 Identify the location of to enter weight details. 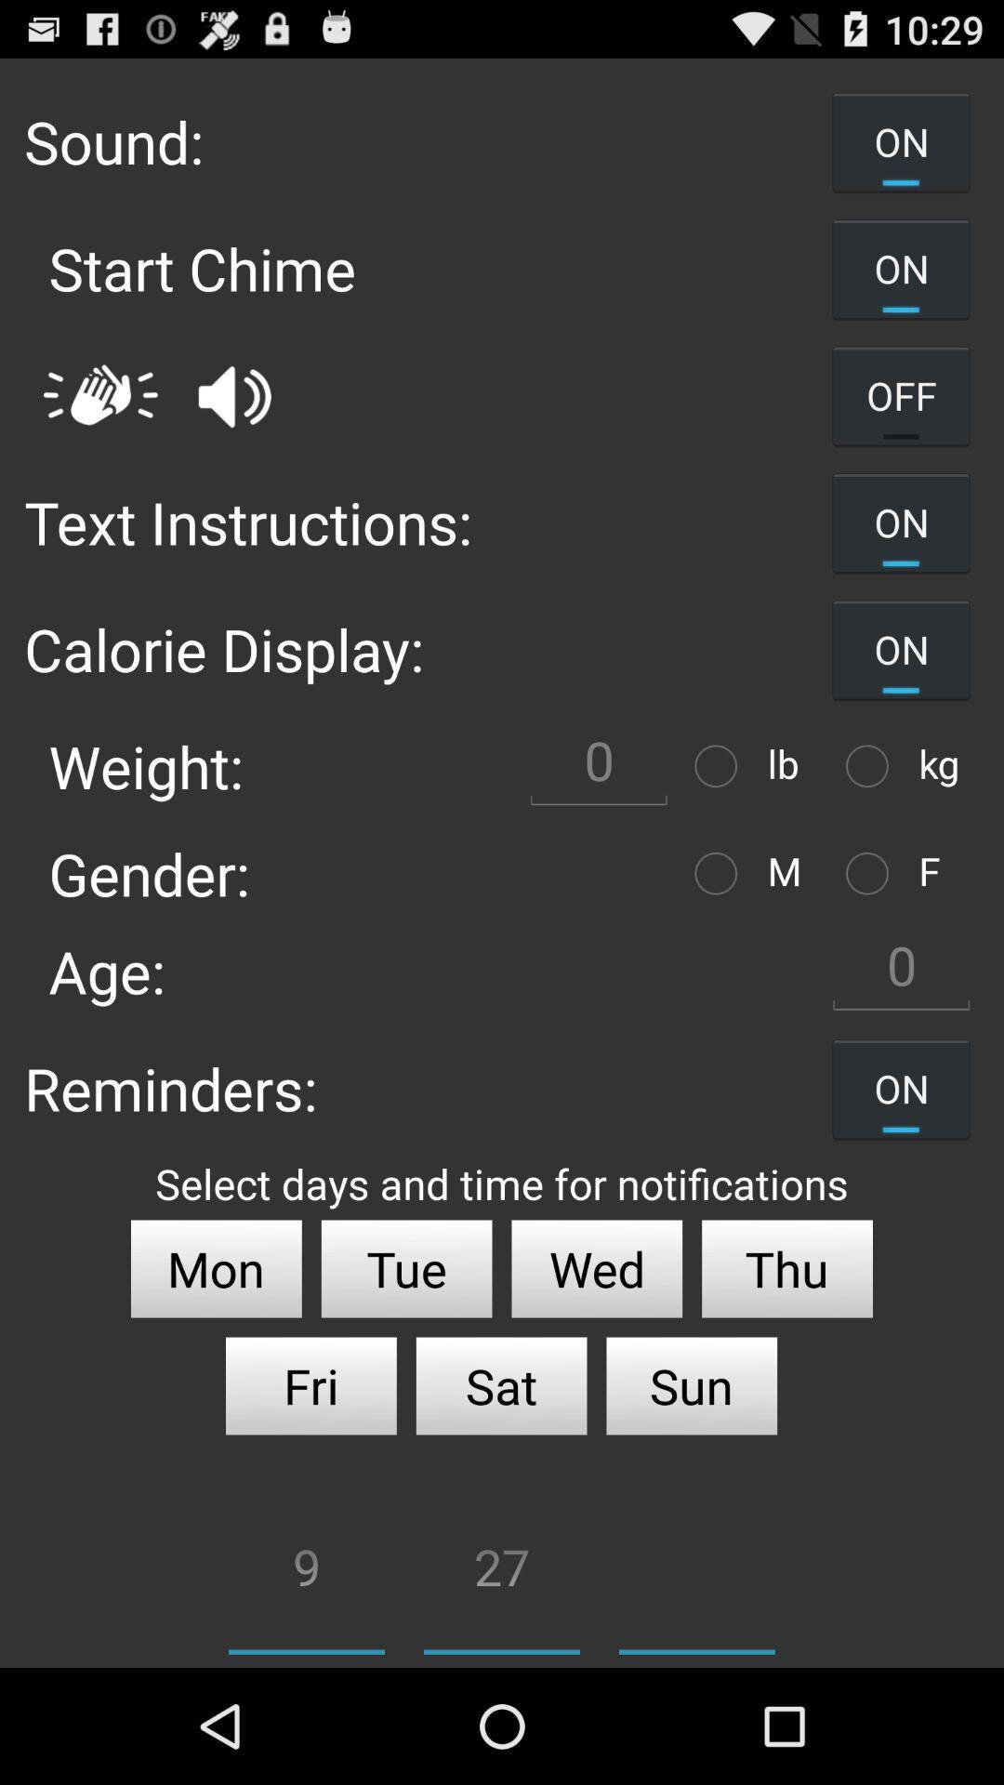
(599, 766).